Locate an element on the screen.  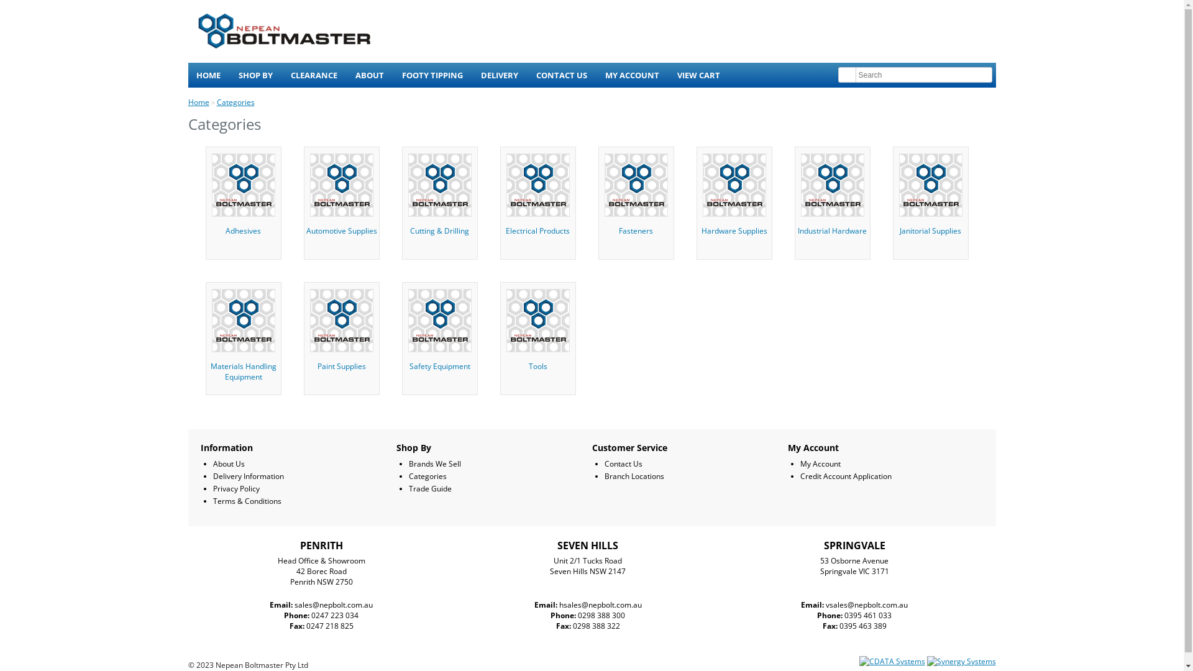
'INDUSTRIAL HARDWARE' is located at coordinates (800, 185).